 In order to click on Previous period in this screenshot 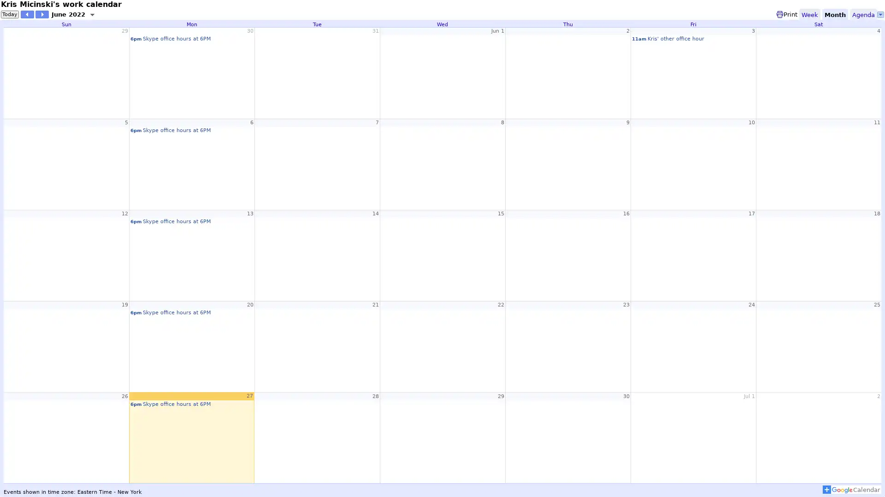, I will do `click(27, 14)`.